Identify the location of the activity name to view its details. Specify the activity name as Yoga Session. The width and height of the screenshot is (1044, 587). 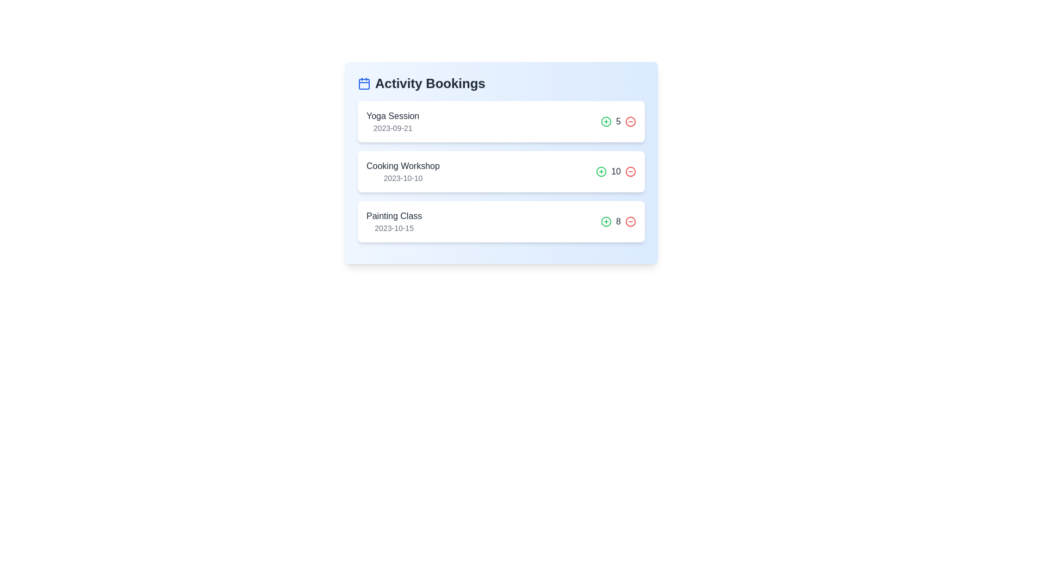
(391, 116).